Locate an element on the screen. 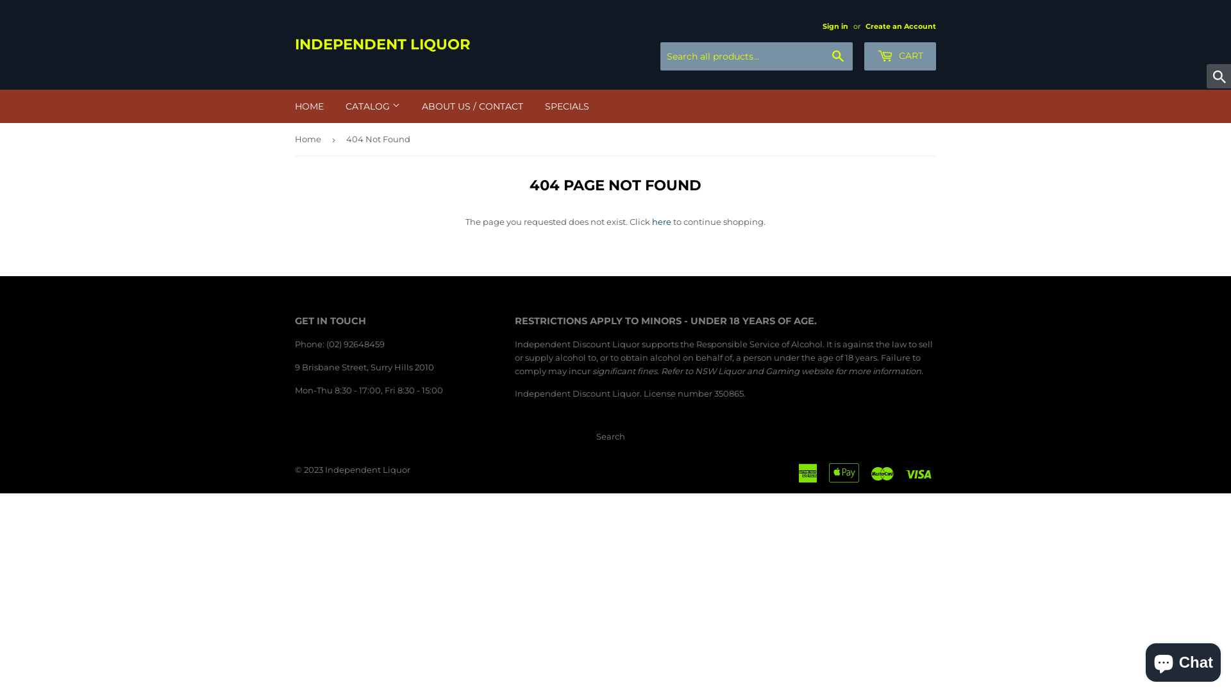  'HOME' is located at coordinates (309, 105).